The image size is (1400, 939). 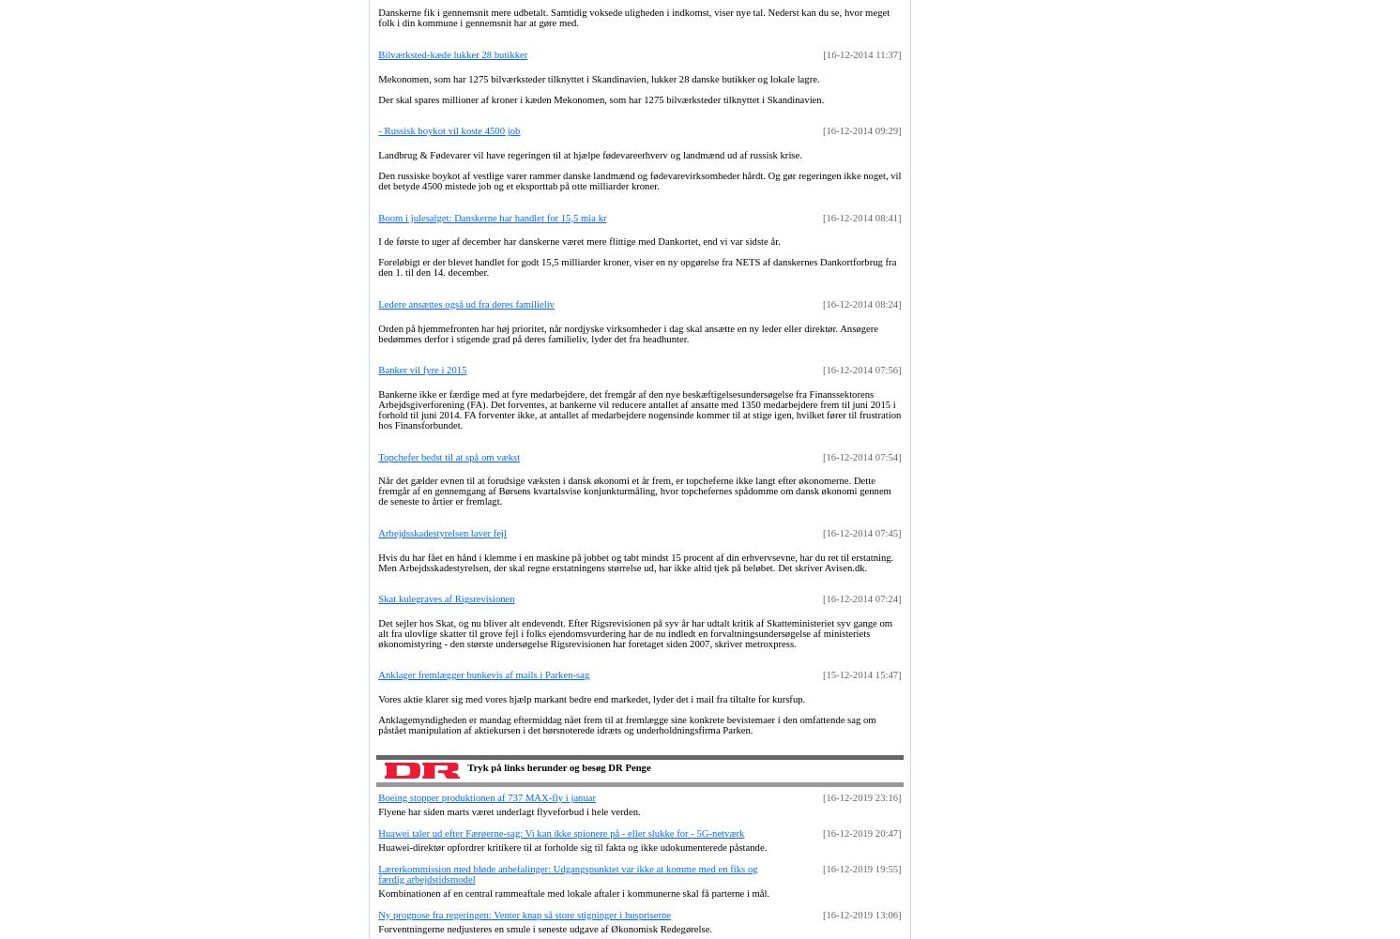 I want to click on '[16-12-2019 19:55]', so click(x=861, y=868).